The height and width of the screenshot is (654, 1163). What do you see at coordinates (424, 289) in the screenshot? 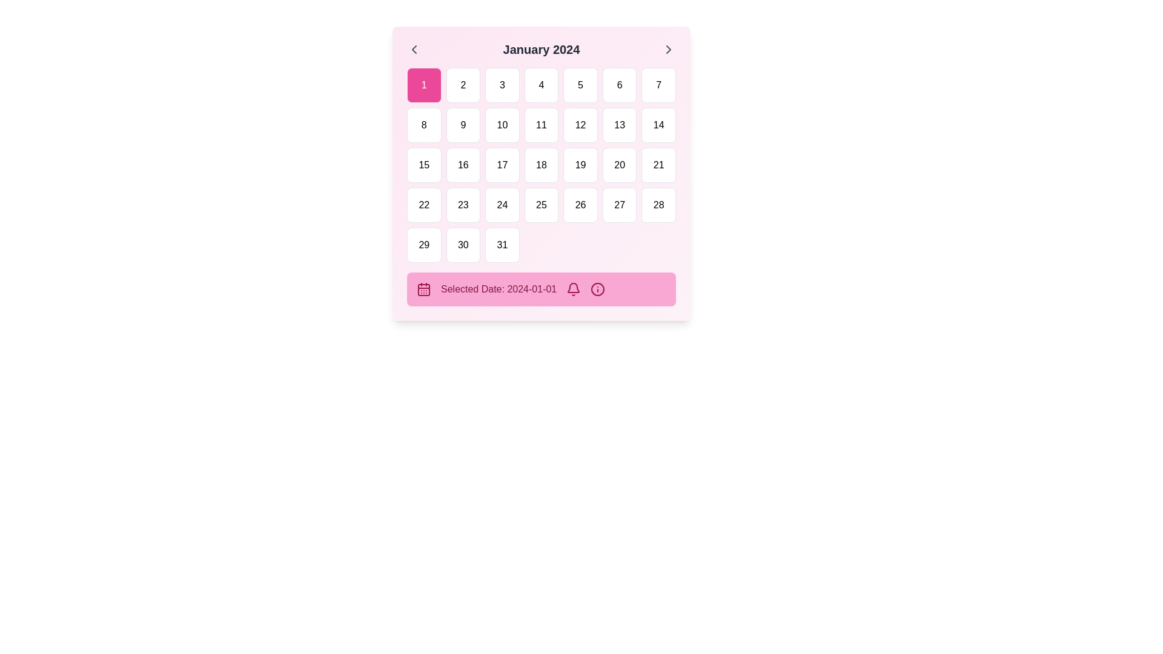
I see `the pink-themed calendar icon with a rectangular border and rounded corners located on the left end of the pink background bar in the calendar widget` at bounding box center [424, 289].